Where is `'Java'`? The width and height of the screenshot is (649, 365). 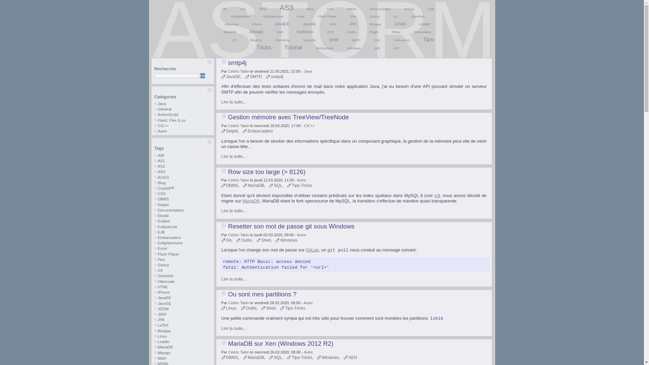 'Java' is located at coordinates (308, 71).